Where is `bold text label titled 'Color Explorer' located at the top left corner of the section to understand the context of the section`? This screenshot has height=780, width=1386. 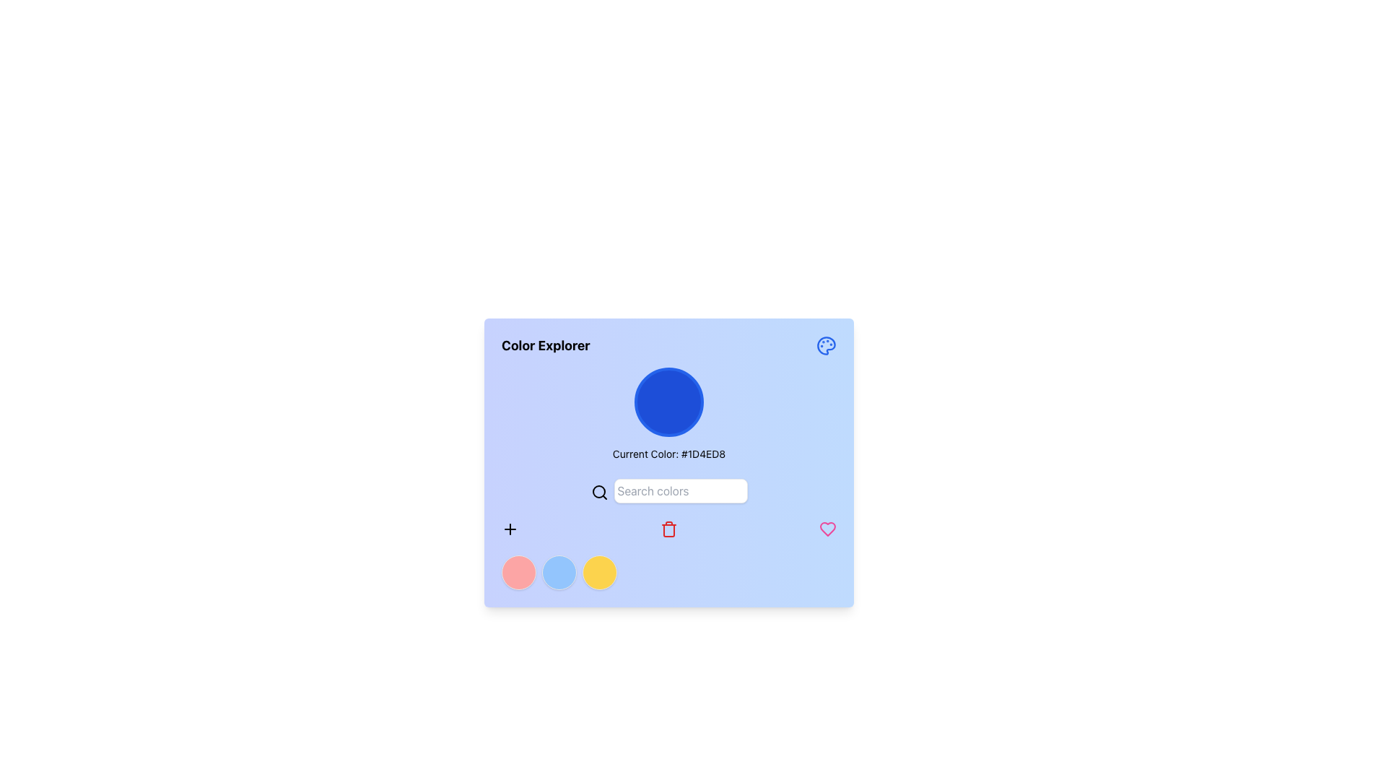
bold text label titled 'Color Explorer' located at the top left corner of the section to understand the context of the section is located at coordinates (545, 345).